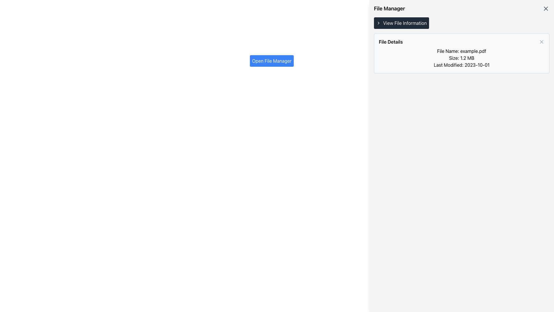 The width and height of the screenshot is (554, 312). What do you see at coordinates (391, 42) in the screenshot?
I see `the 'File Details' label, which is a bold text component prominently positioned at the top-right of the content panel` at bounding box center [391, 42].